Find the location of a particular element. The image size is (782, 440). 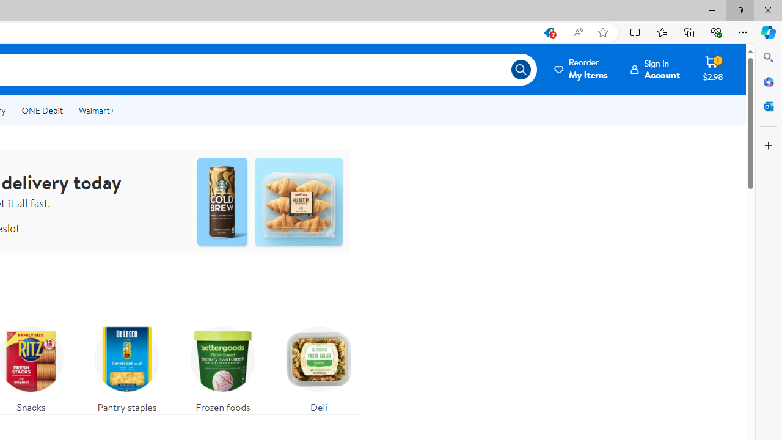

'Deli' is located at coordinates (318, 365).